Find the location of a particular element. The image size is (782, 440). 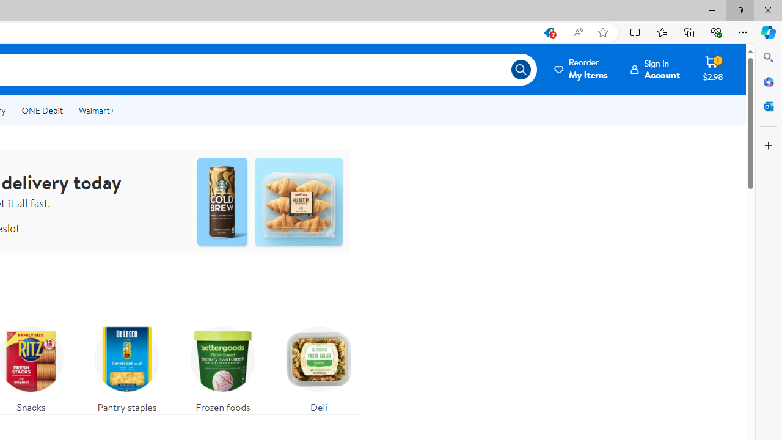

'Deli' is located at coordinates (318, 365).